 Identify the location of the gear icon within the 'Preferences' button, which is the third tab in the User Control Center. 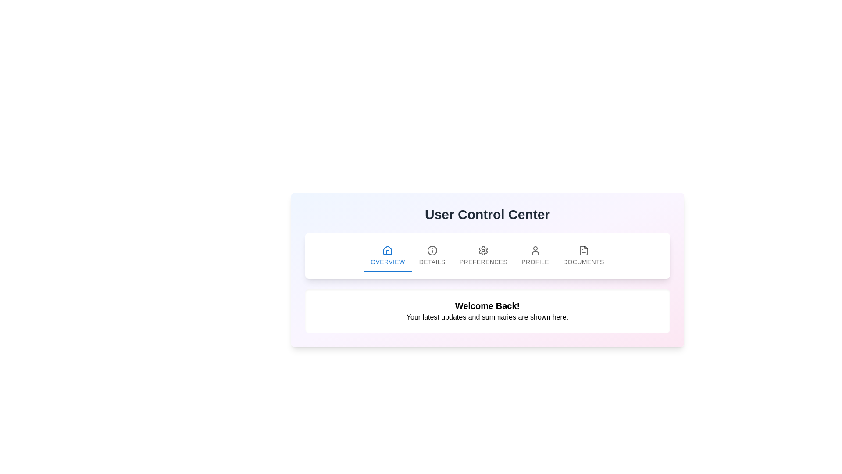
(483, 251).